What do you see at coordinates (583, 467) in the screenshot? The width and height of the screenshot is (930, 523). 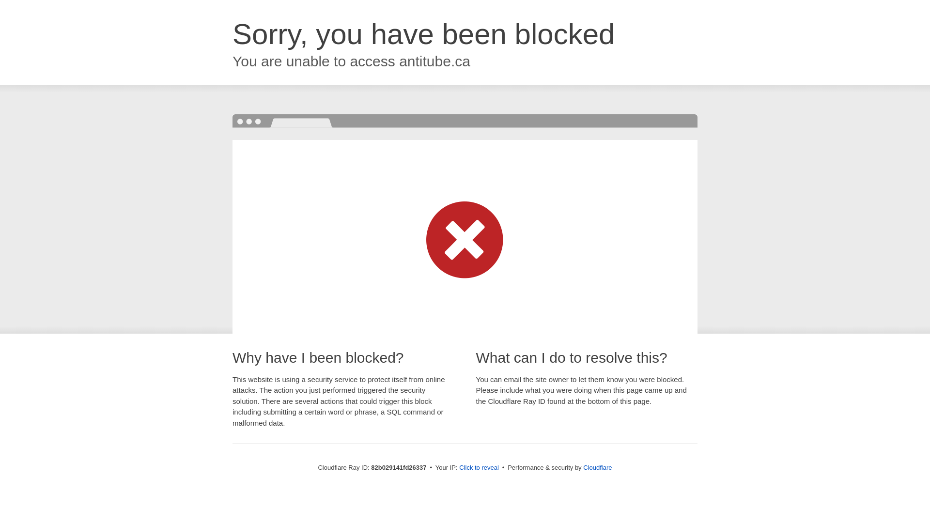 I see `'Cloudflare'` at bounding box center [583, 467].